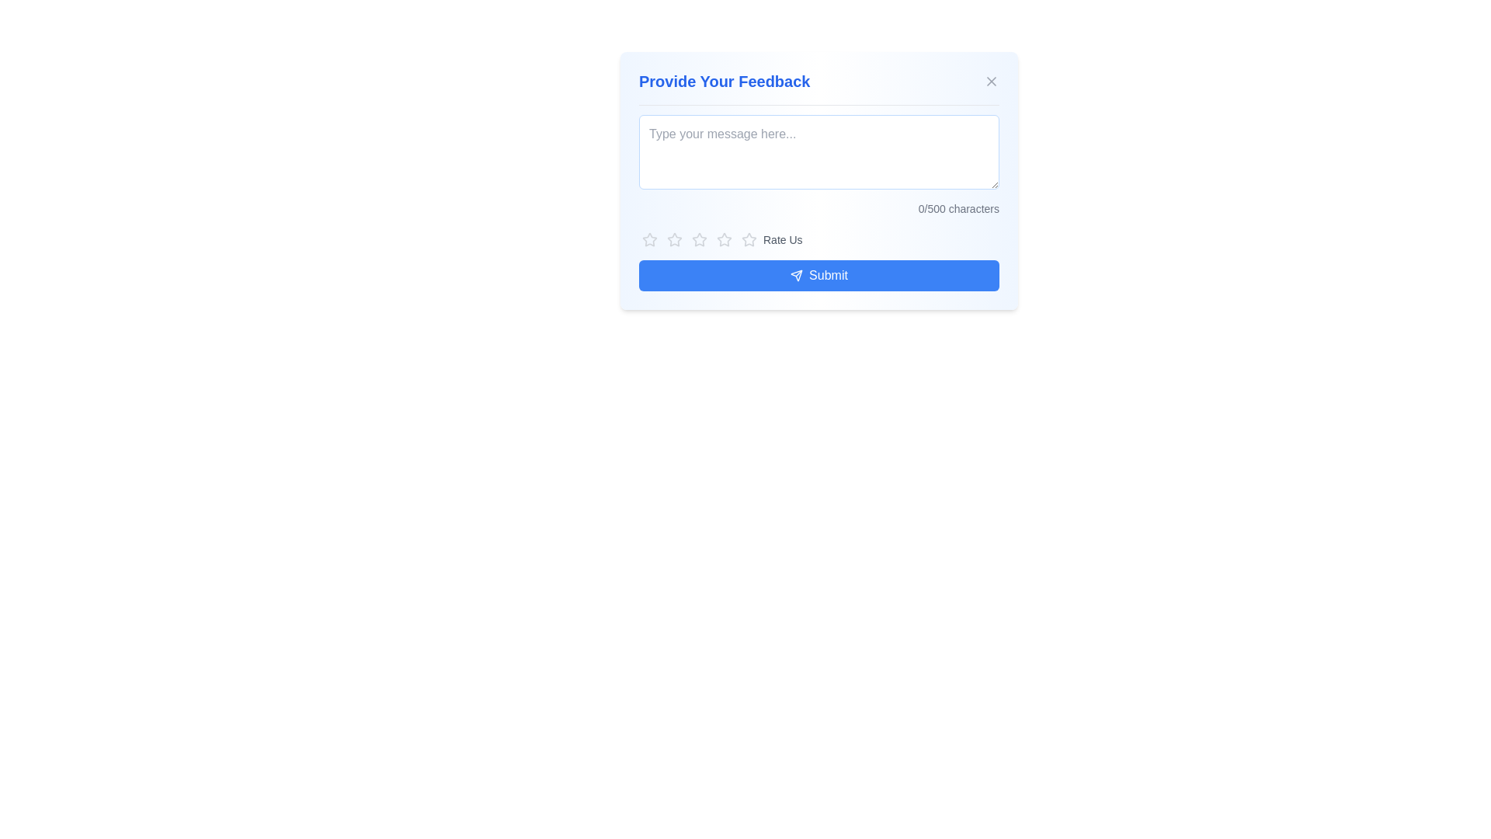 The width and height of the screenshot is (1491, 839). I want to click on the central star icon, which is the third star in a row of five stars below the input box and above the 'Submit' button, so click(749, 239).